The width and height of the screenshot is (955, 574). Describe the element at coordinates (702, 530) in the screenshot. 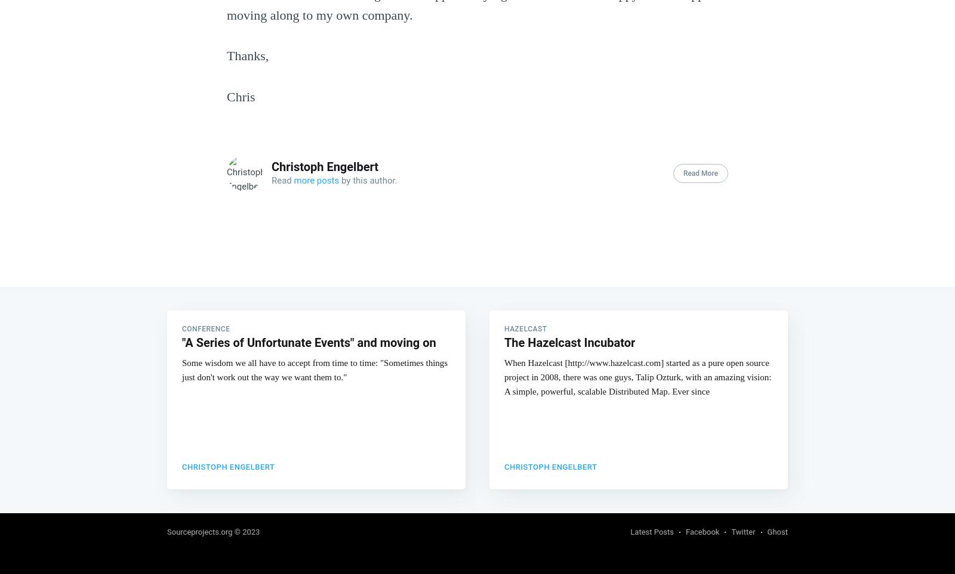

I see `'Facebook'` at that location.